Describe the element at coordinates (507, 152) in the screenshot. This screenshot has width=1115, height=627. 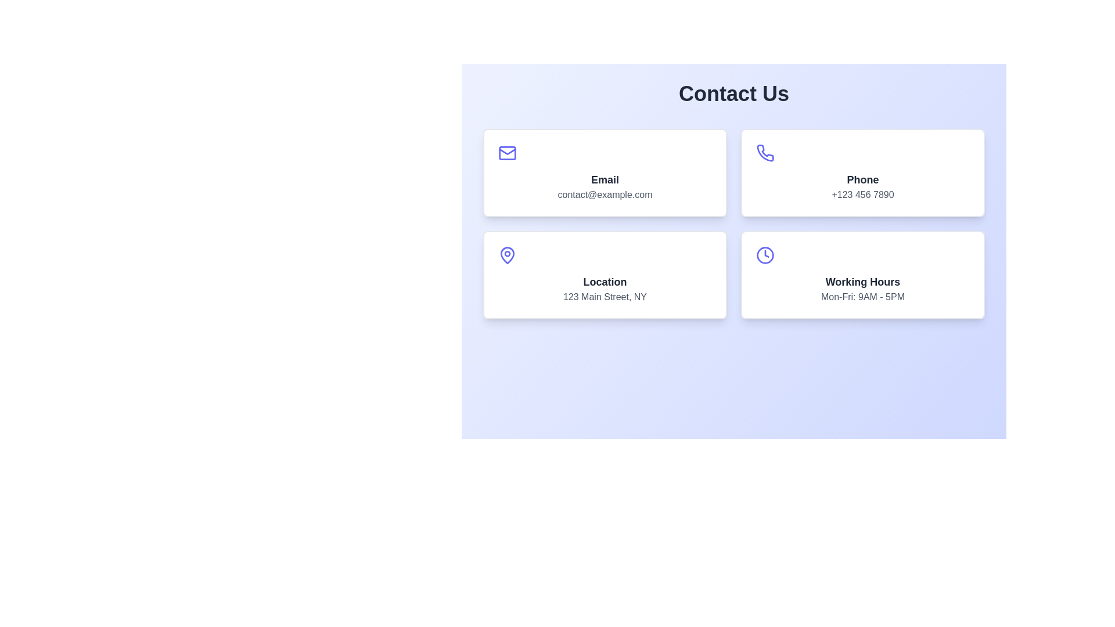
I see `the upper rectangle of the envelope icon, which symbolizes email communication, located in the top-left card under the 'Contact Us' section, above the 'Email' text` at that location.